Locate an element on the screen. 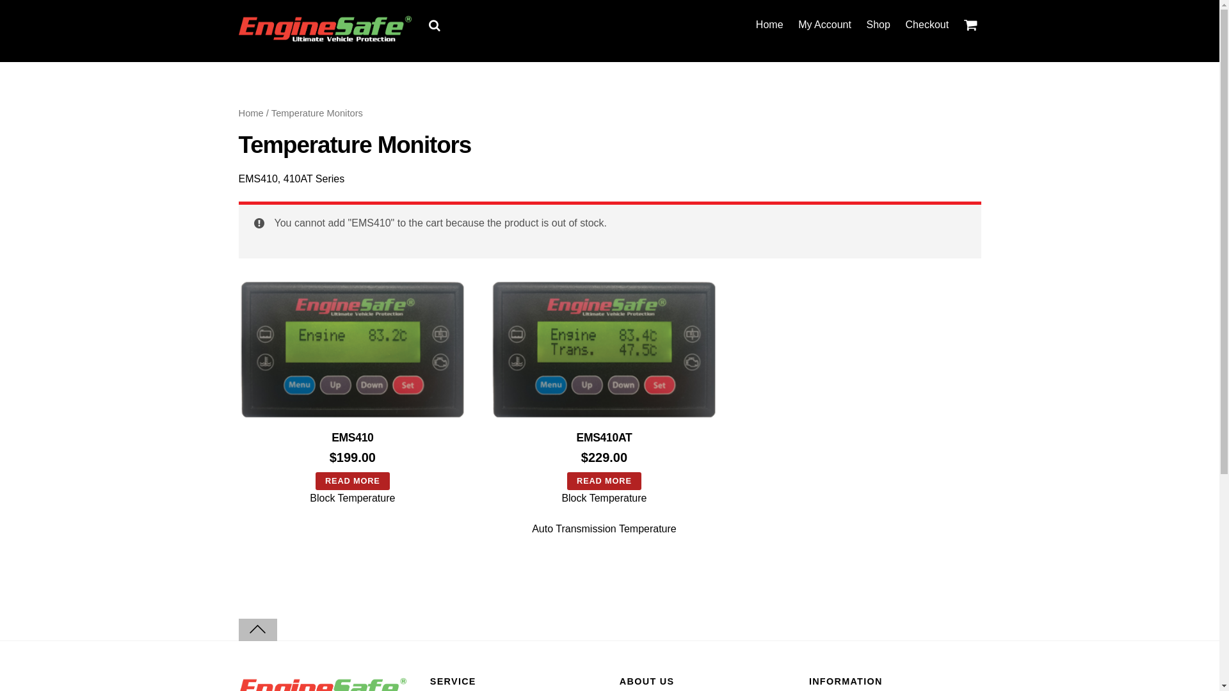 Image resolution: width=1229 pixels, height=691 pixels. 'EngineSafe' is located at coordinates (325, 28).